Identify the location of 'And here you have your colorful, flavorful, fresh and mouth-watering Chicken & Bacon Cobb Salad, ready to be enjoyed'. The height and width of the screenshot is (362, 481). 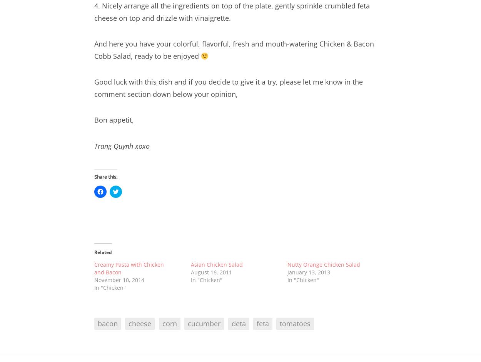
(234, 50).